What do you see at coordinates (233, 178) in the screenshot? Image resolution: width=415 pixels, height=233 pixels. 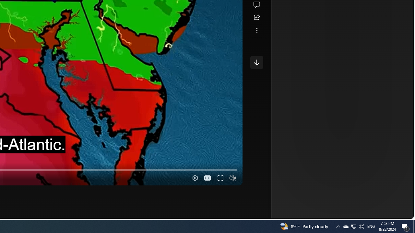 I see `'Unmute'` at bounding box center [233, 178].